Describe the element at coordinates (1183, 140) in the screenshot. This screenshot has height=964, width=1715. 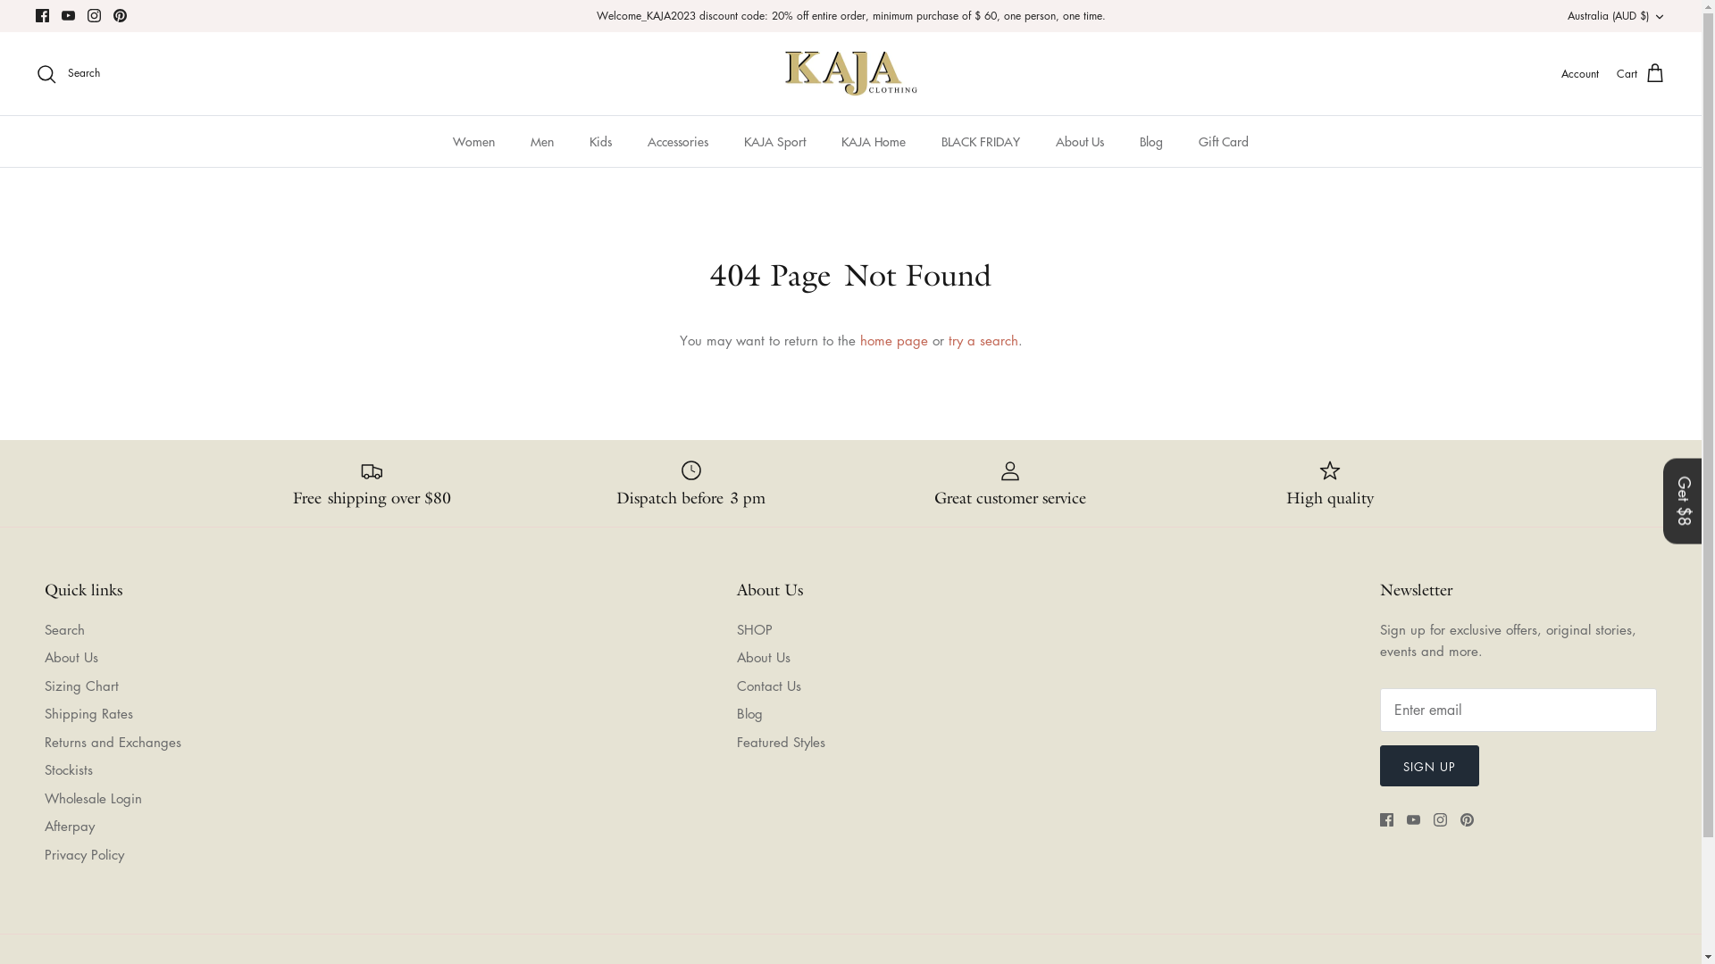
I see `'Gift Card'` at that location.